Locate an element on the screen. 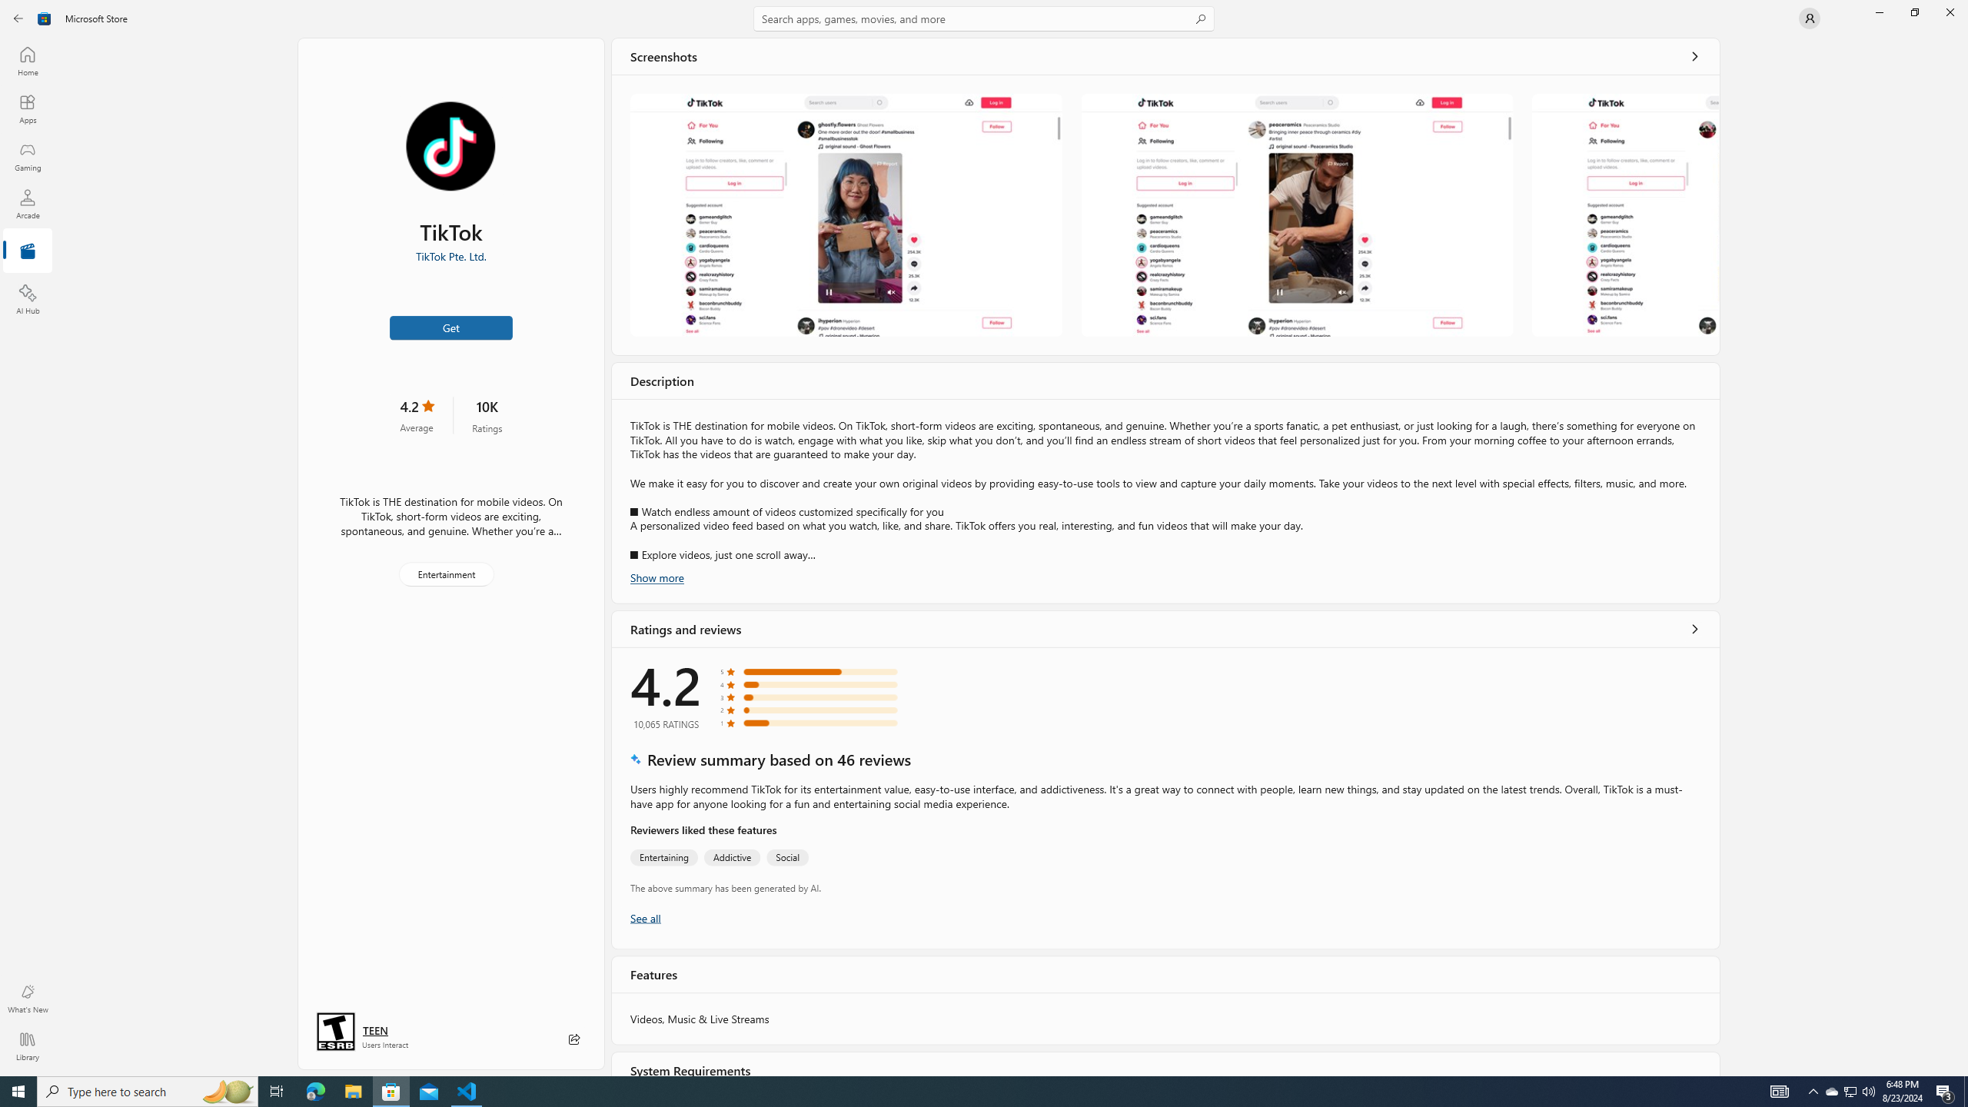 The image size is (1968, 1107). 'Entertainment' is located at coordinates (444, 573).